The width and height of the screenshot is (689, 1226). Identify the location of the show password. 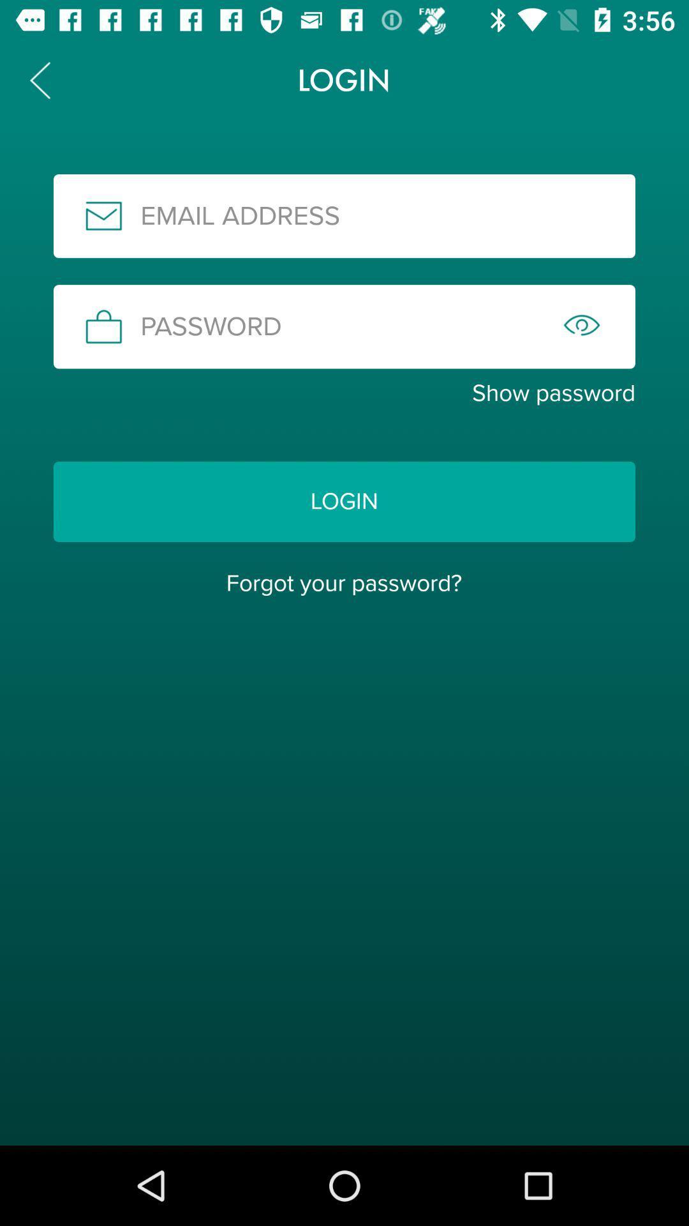
(344, 393).